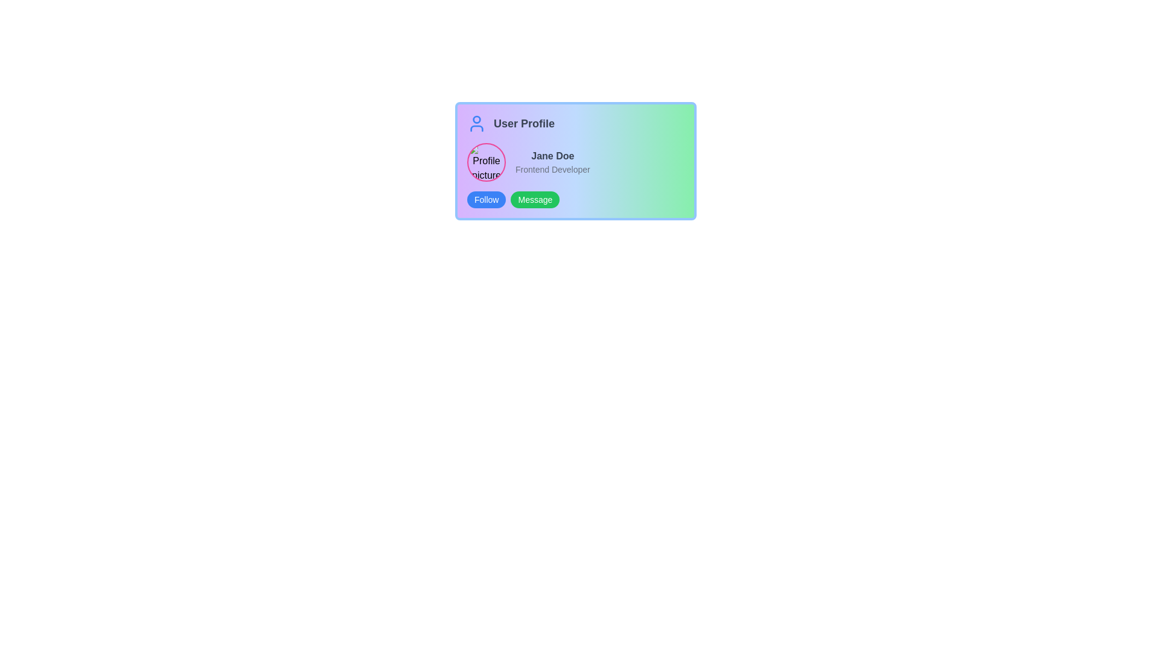 The width and height of the screenshot is (1159, 652). I want to click on the Text Display element displaying the name 'Jane Doe' in bold font within the user profile card, positioned above the 'Frontend Developer' text, so click(552, 155).